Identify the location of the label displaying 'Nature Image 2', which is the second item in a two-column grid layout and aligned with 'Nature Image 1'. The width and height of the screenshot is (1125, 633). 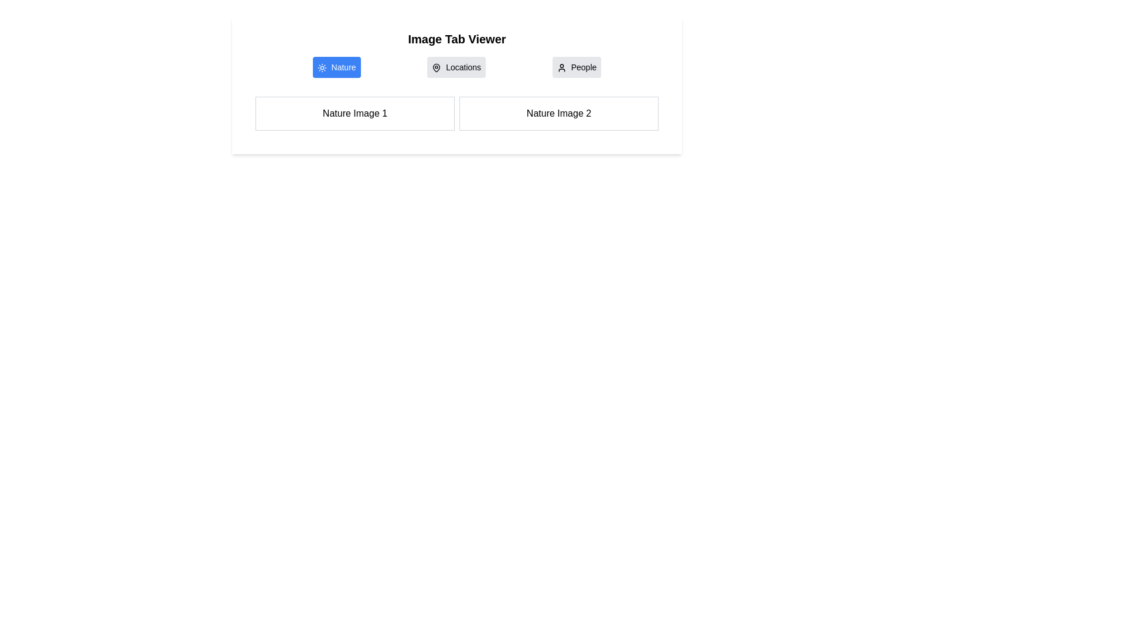
(558, 113).